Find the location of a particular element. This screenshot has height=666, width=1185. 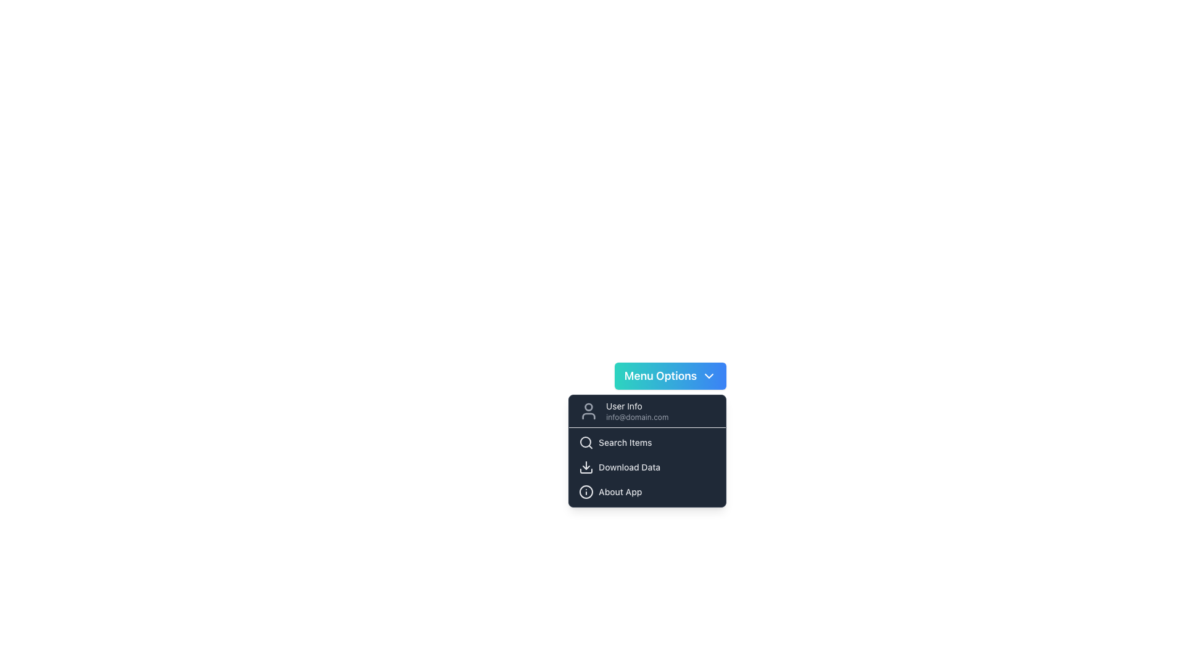

the search button located in the second row of the vertical menu, positioned between 'User Info' and 'Download Data' is located at coordinates (647, 442).